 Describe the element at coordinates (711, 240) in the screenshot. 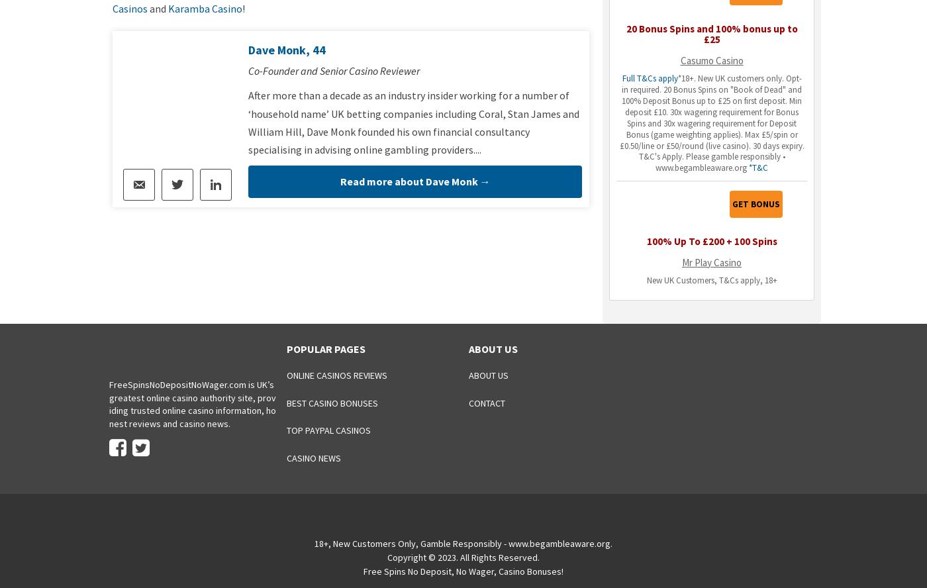

I see `'100% Up To £200 + 100 Spins'` at that location.